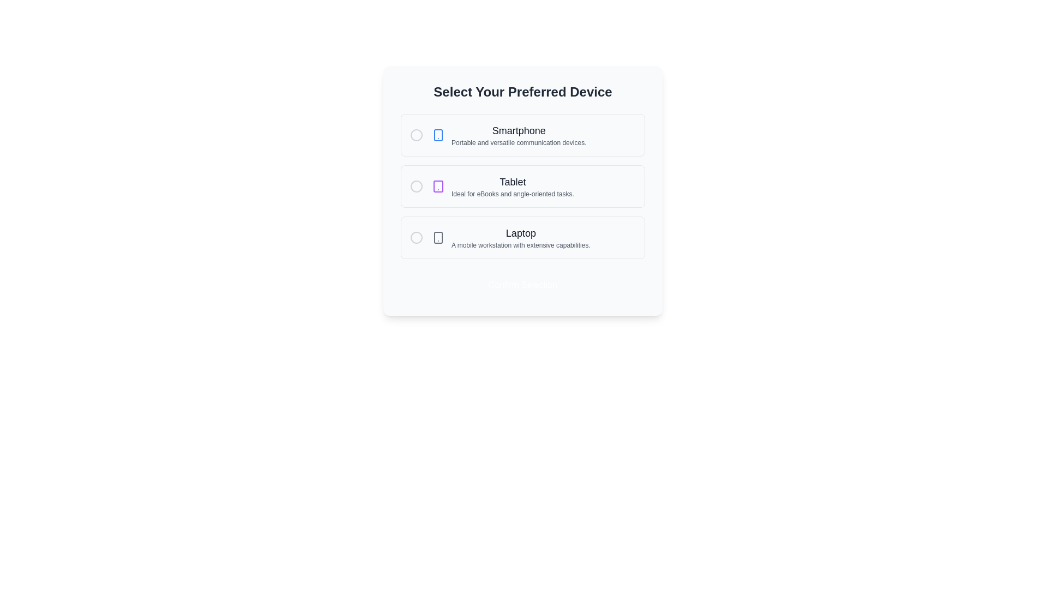 The width and height of the screenshot is (1047, 589). What do you see at coordinates (520, 245) in the screenshot?
I see `descriptive text located directly below the 'Laptop' label in the selection panel, providing additional information about its features` at bounding box center [520, 245].